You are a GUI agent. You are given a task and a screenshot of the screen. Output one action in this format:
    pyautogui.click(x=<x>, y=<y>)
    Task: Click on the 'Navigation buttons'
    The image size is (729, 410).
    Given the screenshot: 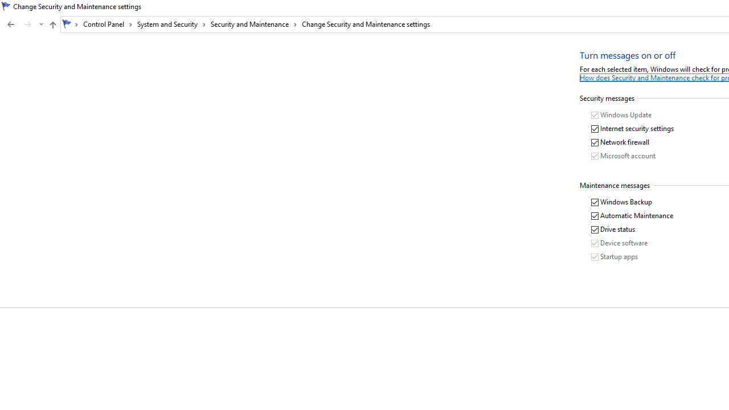 What is the action you would take?
    pyautogui.click(x=24, y=24)
    